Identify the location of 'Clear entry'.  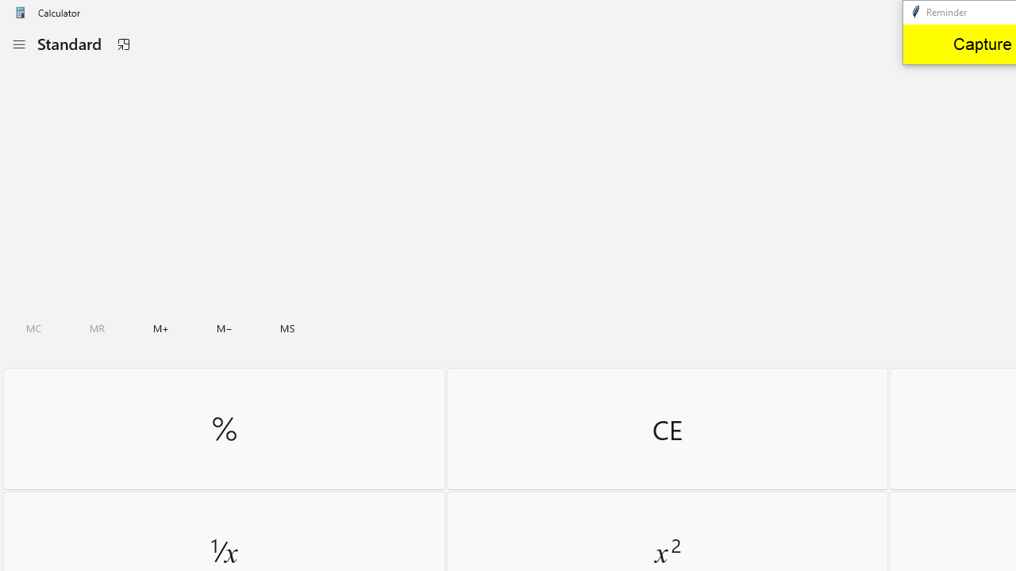
(667, 428).